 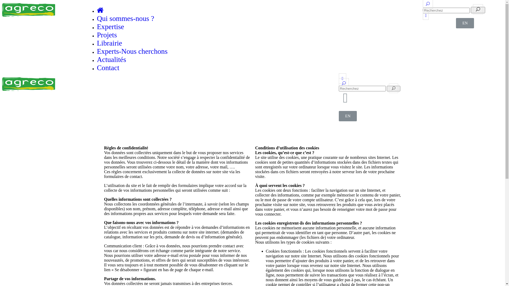 I want to click on 'Projets', so click(x=96, y=35).